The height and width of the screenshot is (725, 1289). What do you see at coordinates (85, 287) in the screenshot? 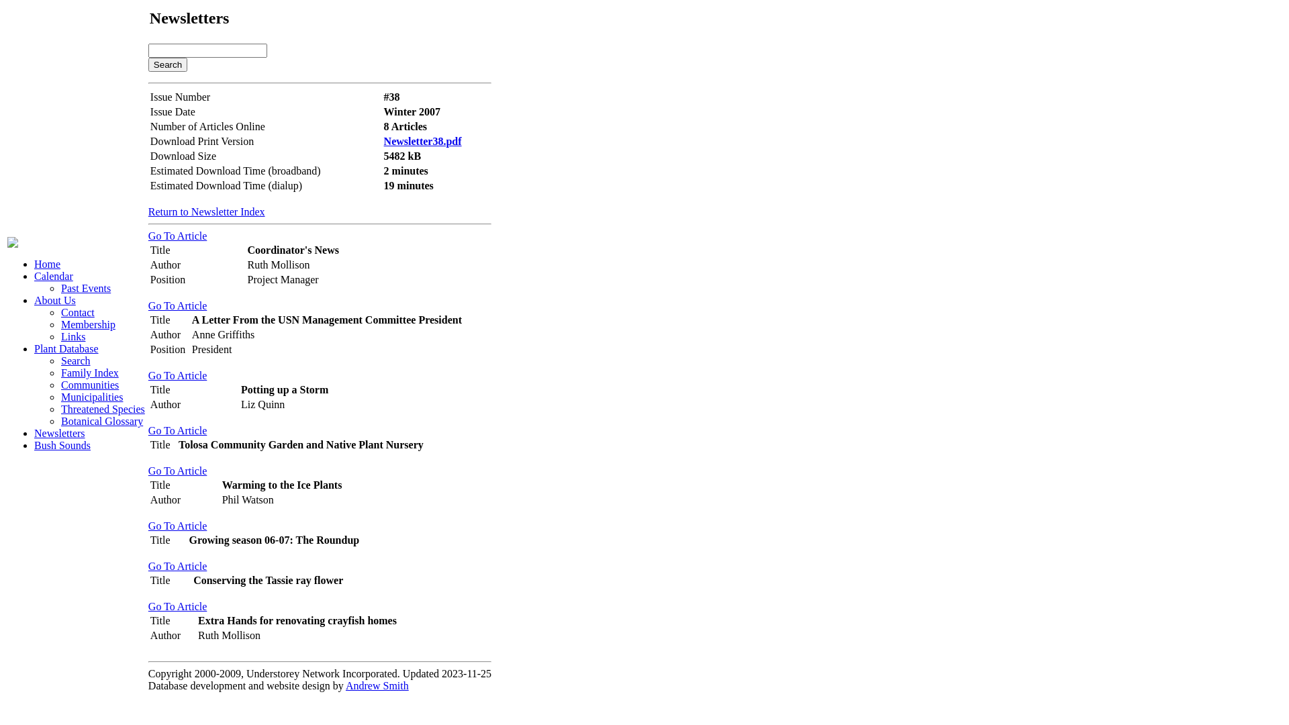
I see `'Past Events'` at bounding box center [85, 287].